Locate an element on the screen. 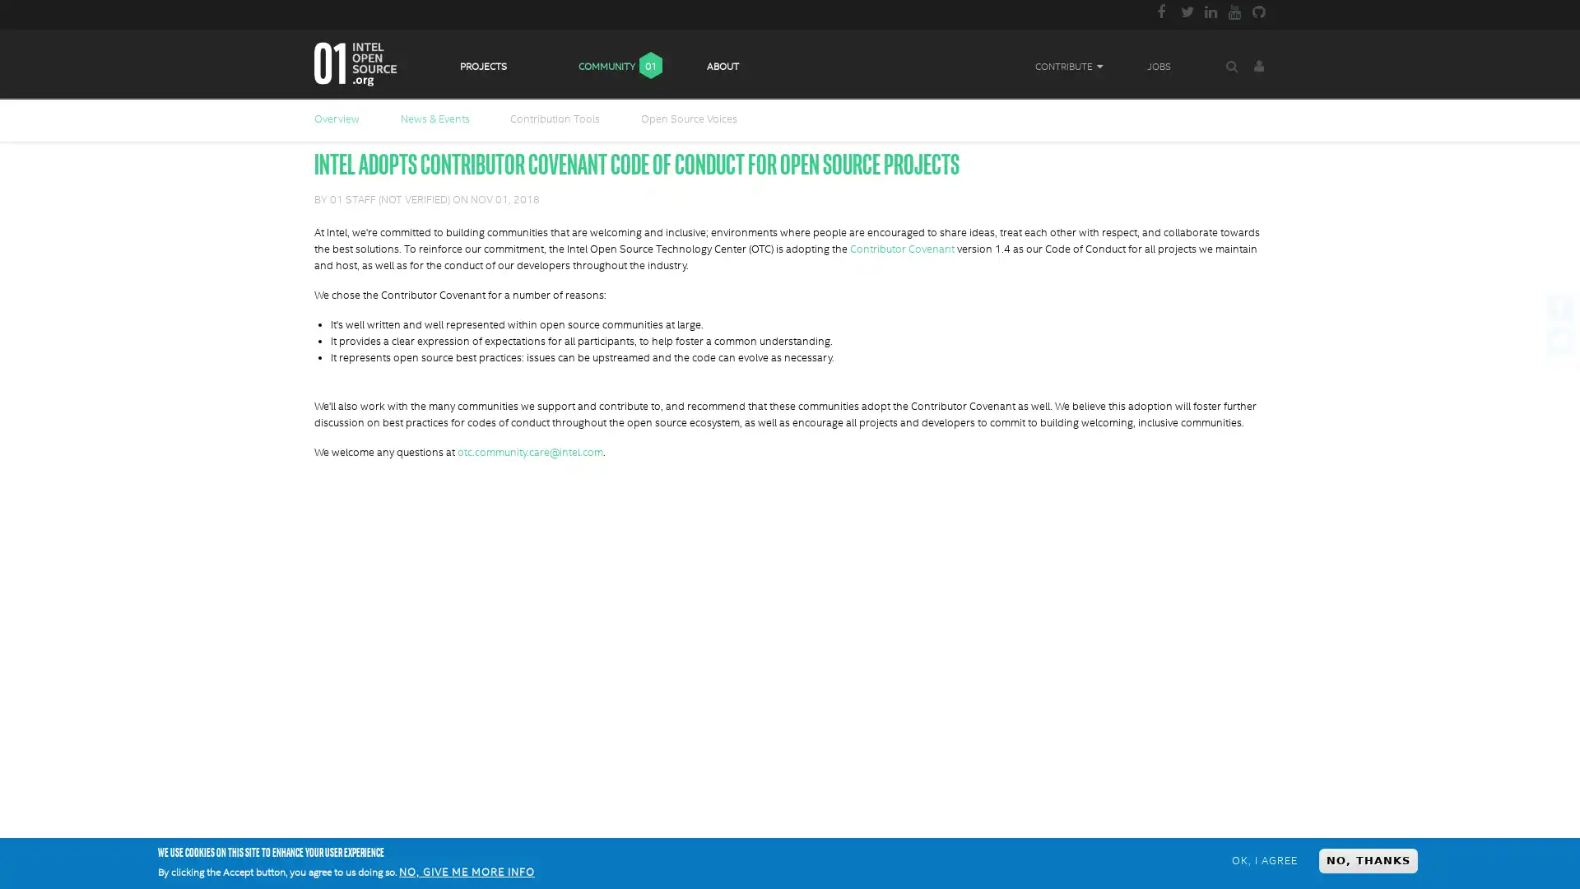 The width and height of the screenshot is (1580, 889). NO, GIVE ME MORE INFO is located at coordinates (466, 872).